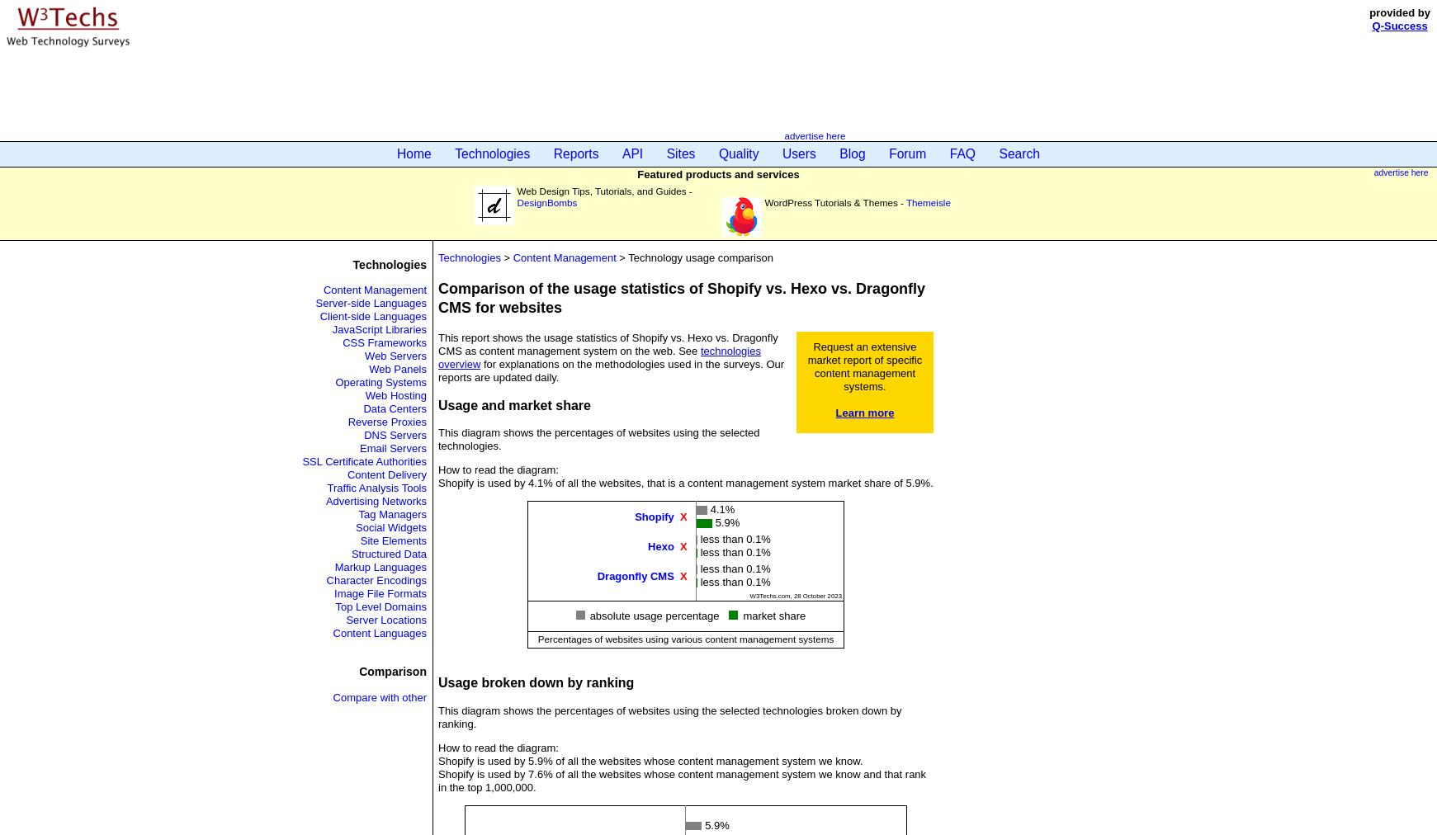  Describe the element at coordinates (513, 404) in the screenshot. I see `'Usage and market share'` at that location.